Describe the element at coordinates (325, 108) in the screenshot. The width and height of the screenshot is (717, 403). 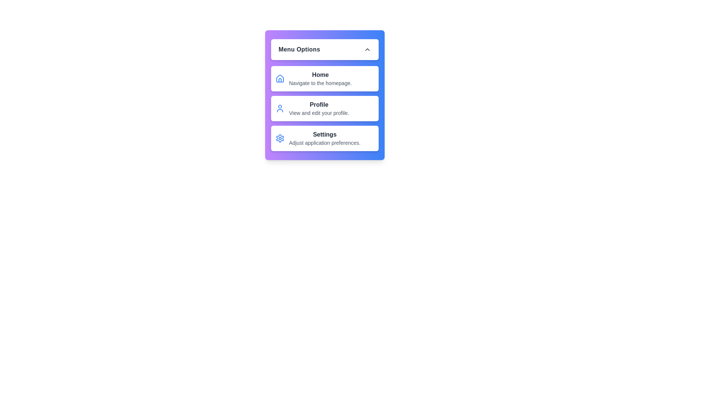
I see `the menu item corresponding to Profile` at that location.